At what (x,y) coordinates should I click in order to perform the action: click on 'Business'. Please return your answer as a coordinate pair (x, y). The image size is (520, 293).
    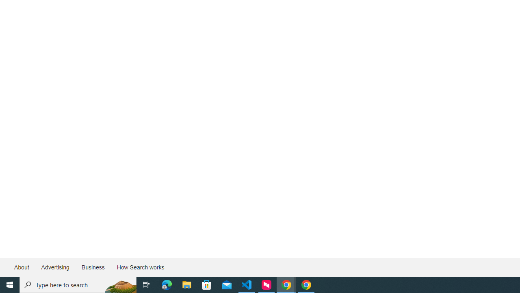
    Looking at the image, I should click on (93, 267).